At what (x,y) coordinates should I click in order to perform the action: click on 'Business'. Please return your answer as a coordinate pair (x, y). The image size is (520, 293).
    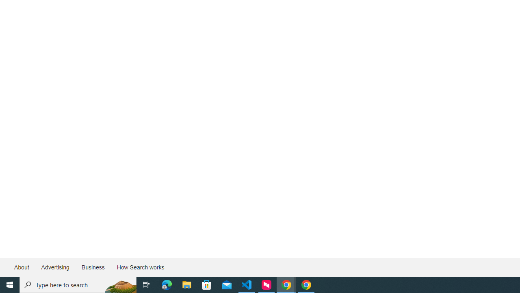
    Looking at the image, I should click on (93, 267).